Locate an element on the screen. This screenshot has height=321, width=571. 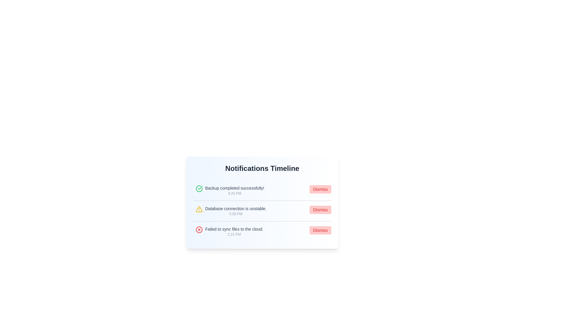
the static text header labeled 'Notifications Timeline', which is prominently displayed at the top of the notifications panel is located at coordinates (262, 169).